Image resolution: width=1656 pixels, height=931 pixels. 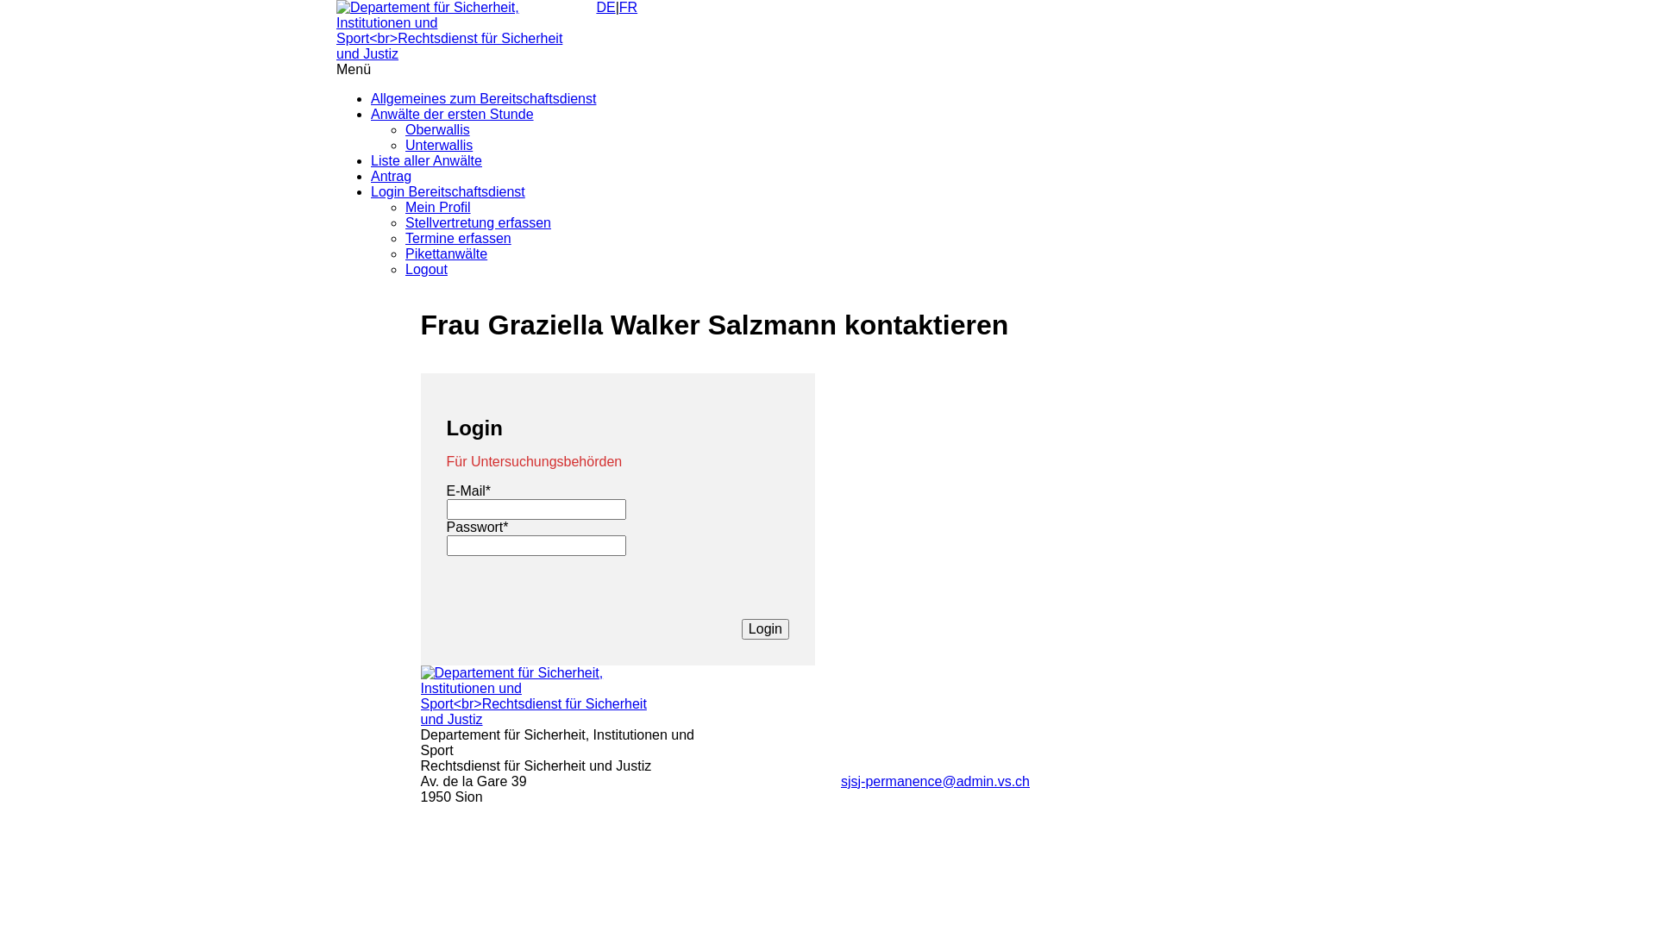 I want to click on 'Login', so click(x=764, y=628).